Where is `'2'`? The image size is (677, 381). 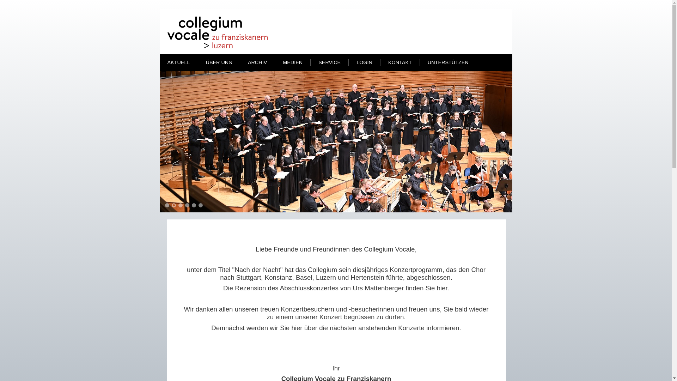
'2' is located at coordinates (171, 205).